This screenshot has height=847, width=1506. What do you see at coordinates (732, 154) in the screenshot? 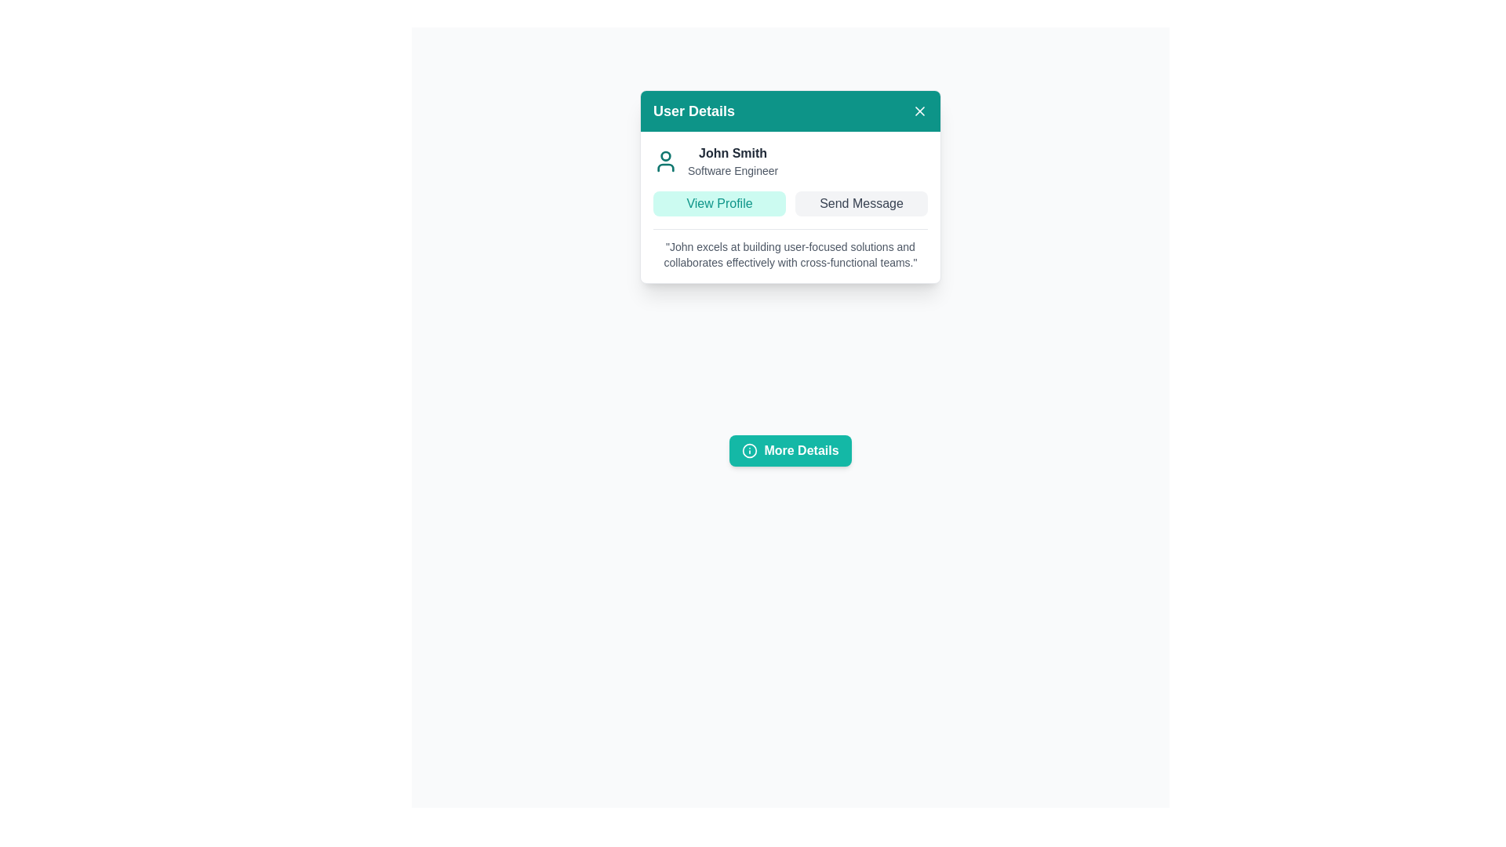
I see `the static text label displaying the name 'John Smith' in the 'User Details' dialog` at bounding box center [732, 154].